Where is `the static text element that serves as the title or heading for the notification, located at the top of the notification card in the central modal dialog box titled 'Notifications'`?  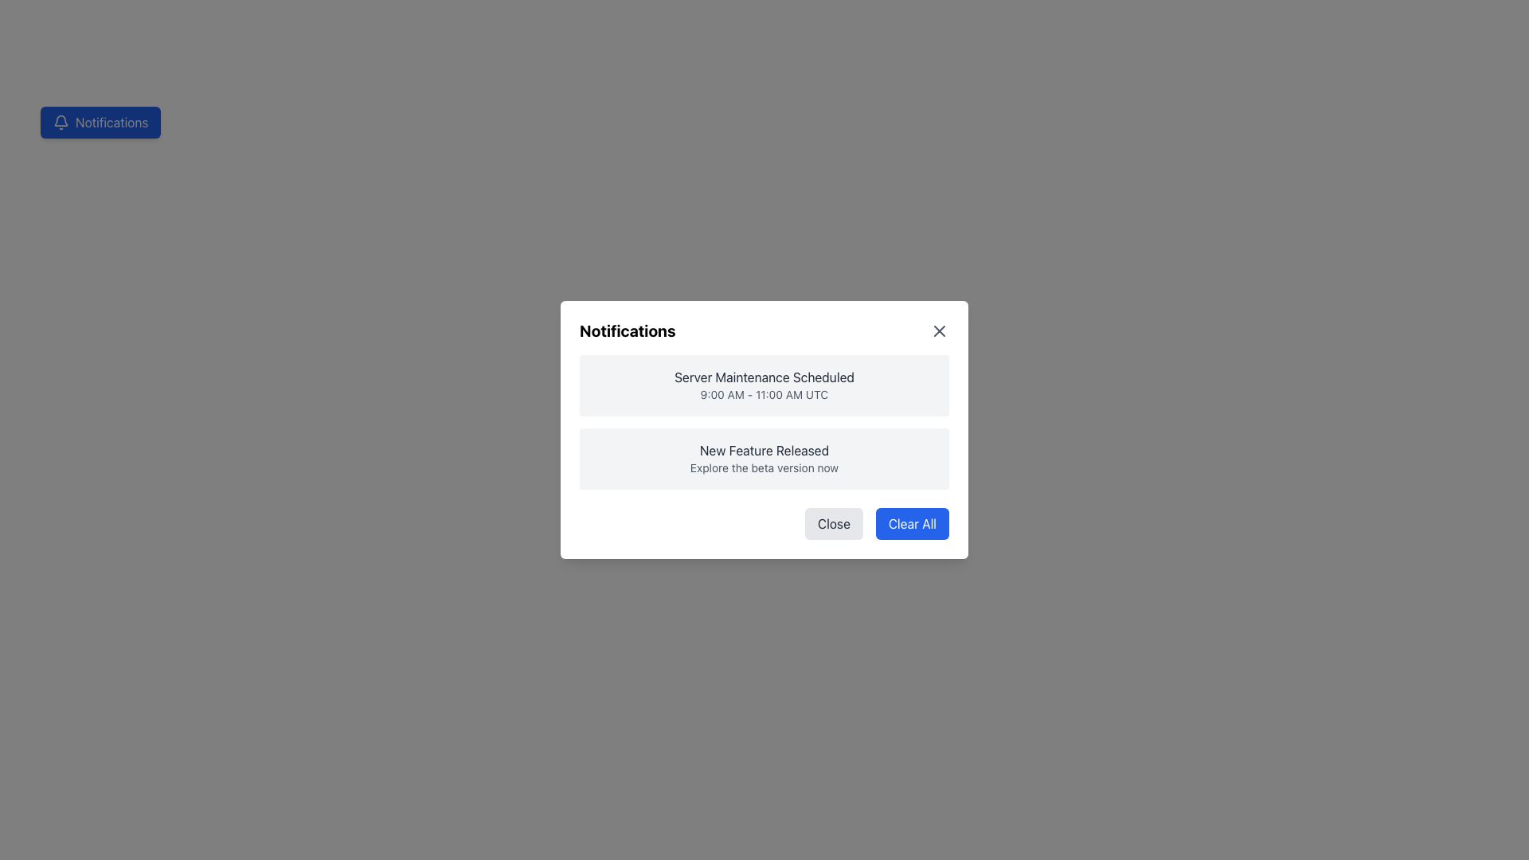 the static text element that serves as the title or heading for the notification, located at the top of the notification card in the central modal dialog box titled 'Notifications' is located at coordinates (764, 377).